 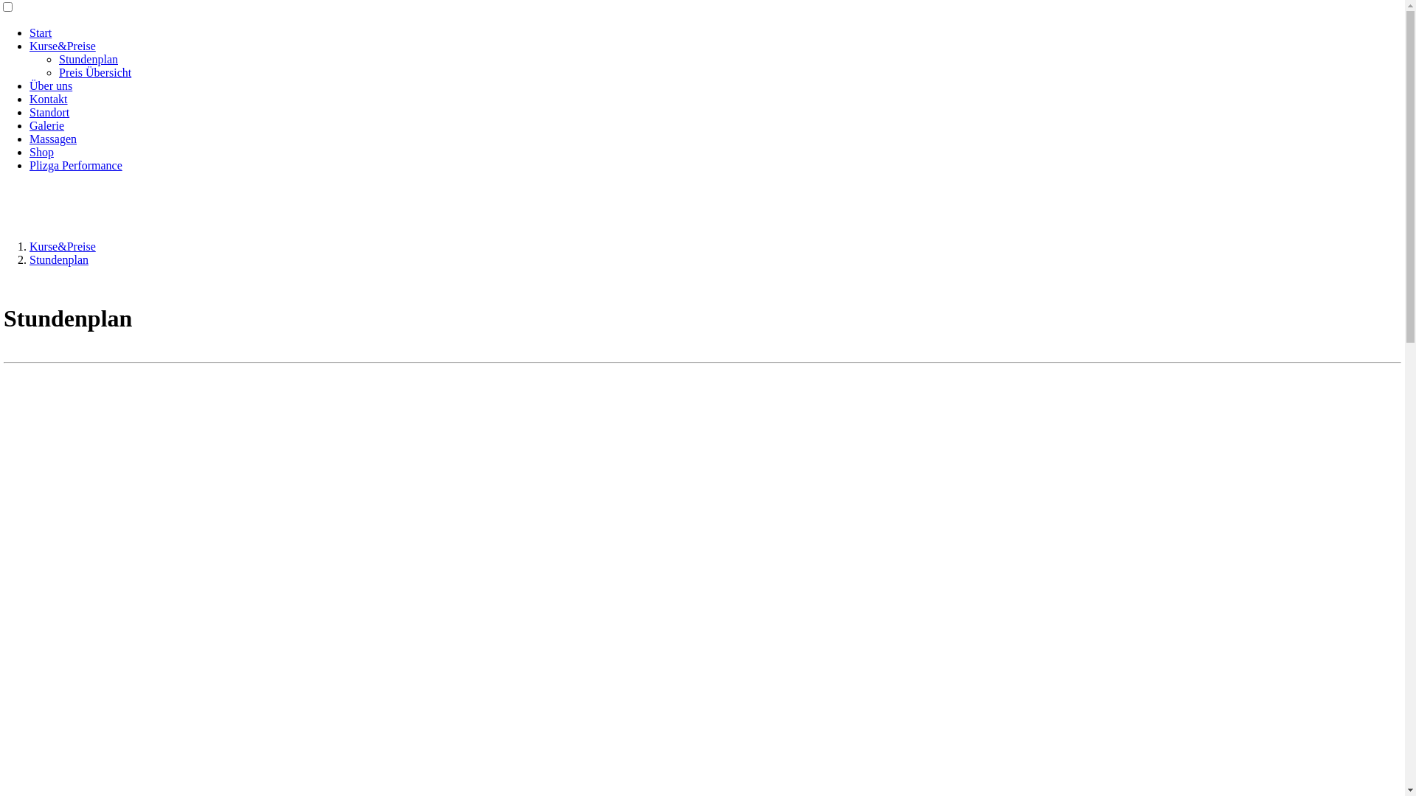 What do you see at coordinates (53, 139) in the screenshot?
I see `'Massagen'` at bounding box center [53, 139].